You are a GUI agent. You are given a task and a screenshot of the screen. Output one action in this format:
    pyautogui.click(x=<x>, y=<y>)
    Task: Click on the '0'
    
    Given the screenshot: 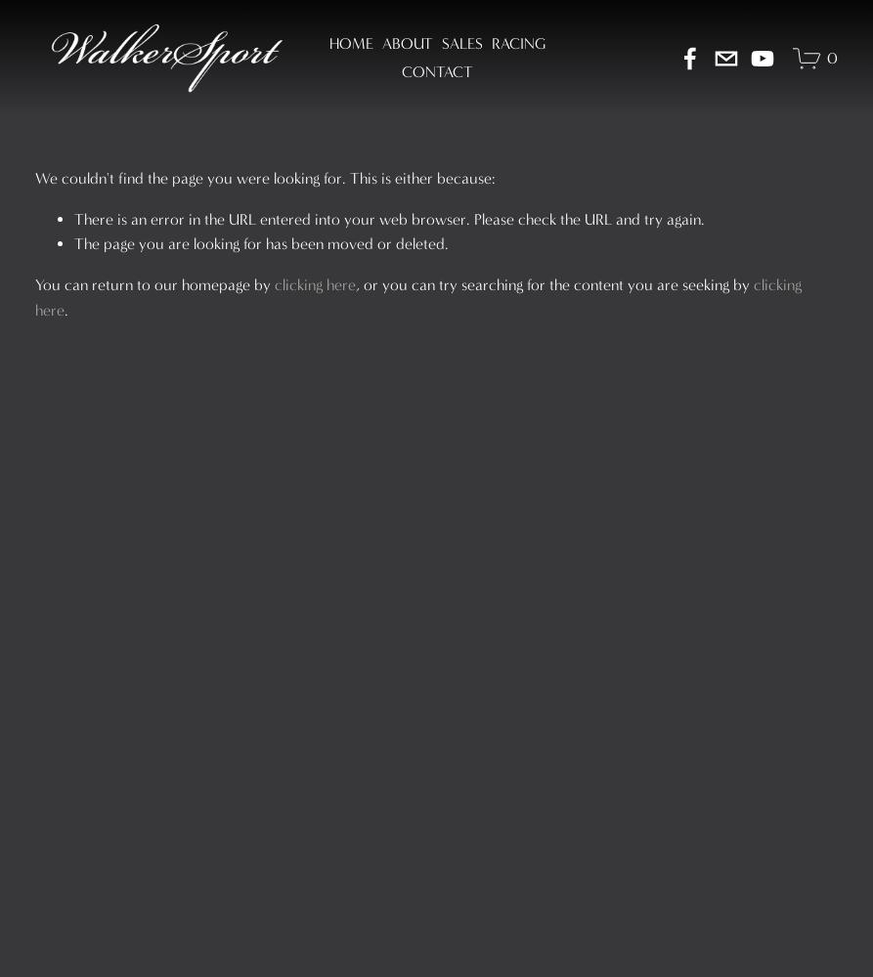 What is the action you would take?
    pyautogui.click(x=831, y=57)
    